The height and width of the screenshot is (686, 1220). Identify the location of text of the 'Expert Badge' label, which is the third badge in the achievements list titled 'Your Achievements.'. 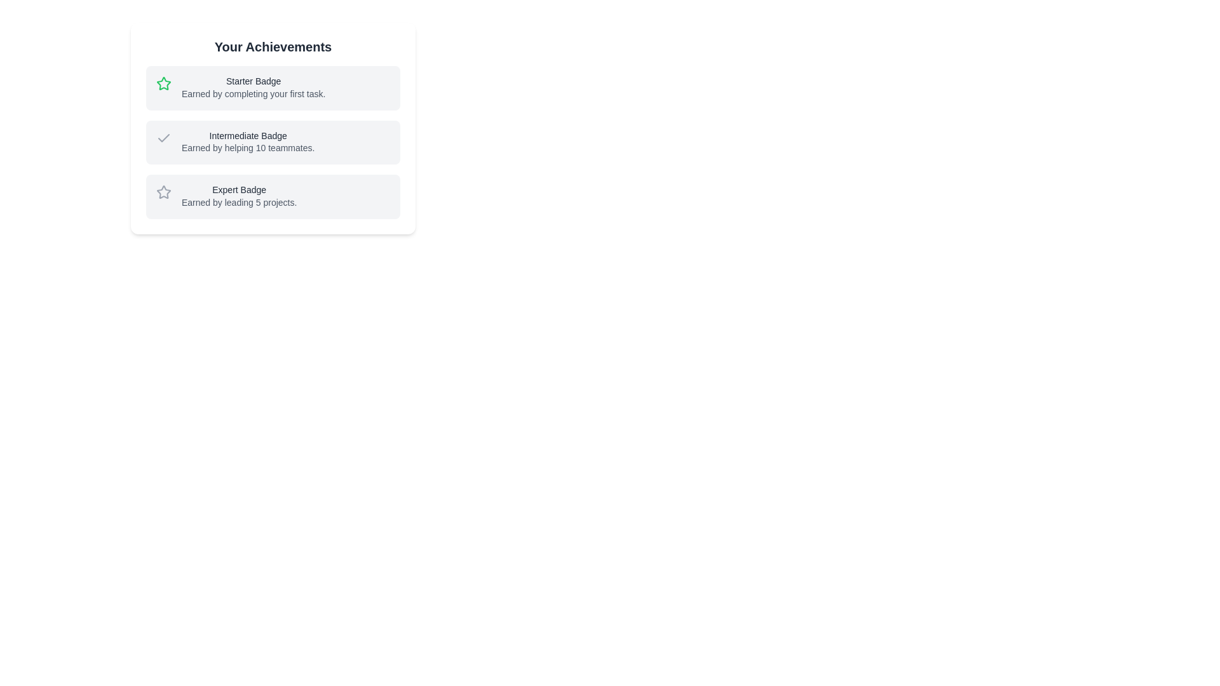
(239, 190).